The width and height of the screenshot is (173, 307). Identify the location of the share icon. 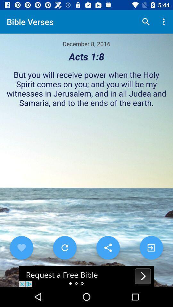
(108, 247).